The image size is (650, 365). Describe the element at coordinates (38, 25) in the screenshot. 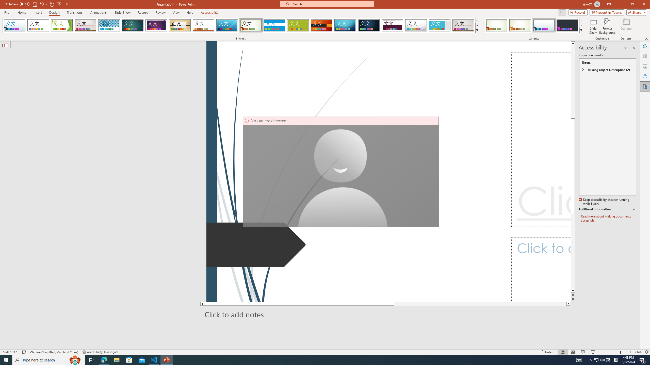

I see `'Office Theme'` at that location.